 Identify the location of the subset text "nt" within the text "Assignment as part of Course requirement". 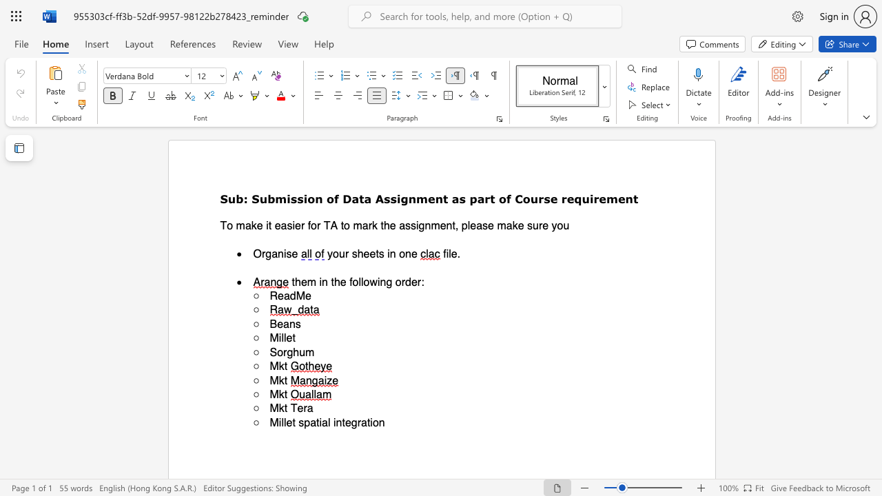
(624, 198).